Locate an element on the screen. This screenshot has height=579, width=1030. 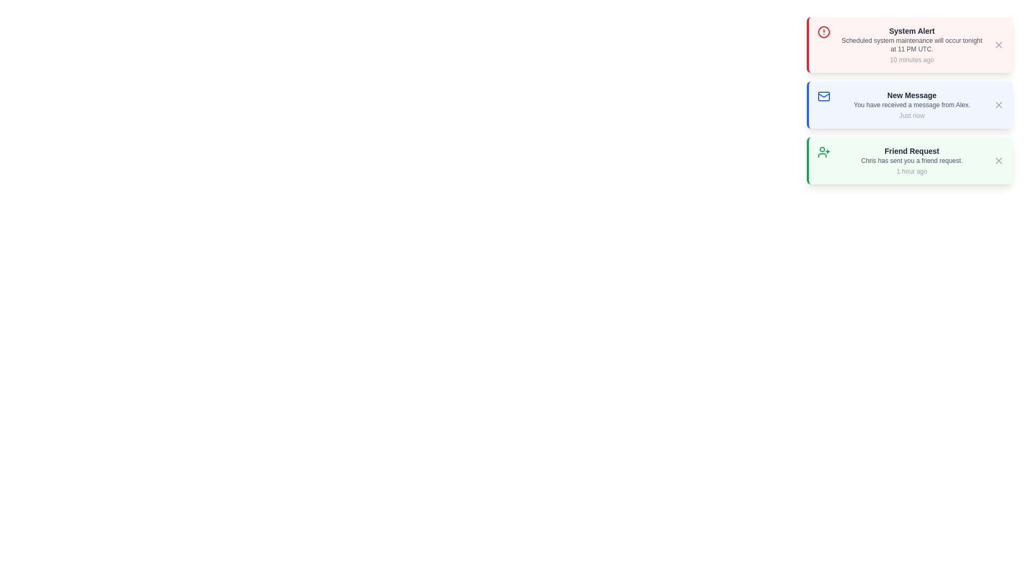
the small gray 'X' button located on the right side of the 'System Alert' notification box is located at coordinates (998, 44).